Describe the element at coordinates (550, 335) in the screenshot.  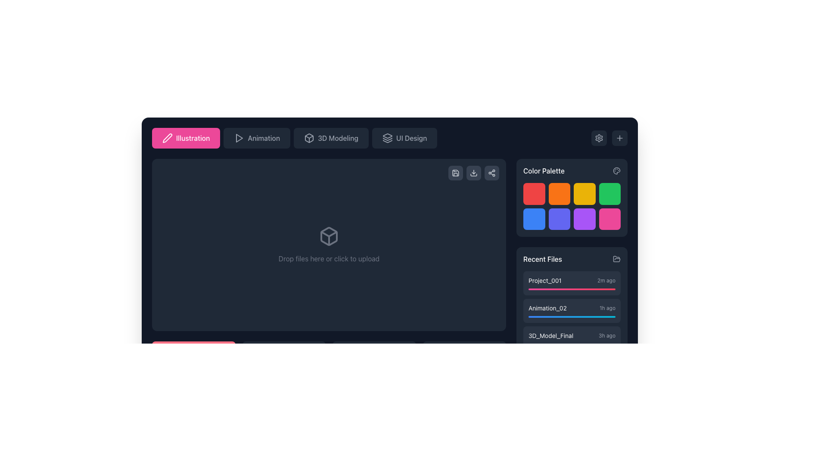
I see `label displaying the file name in the 'Recent Files' panel, located to the left of the timestamp labeled '3h ago'` at that location.